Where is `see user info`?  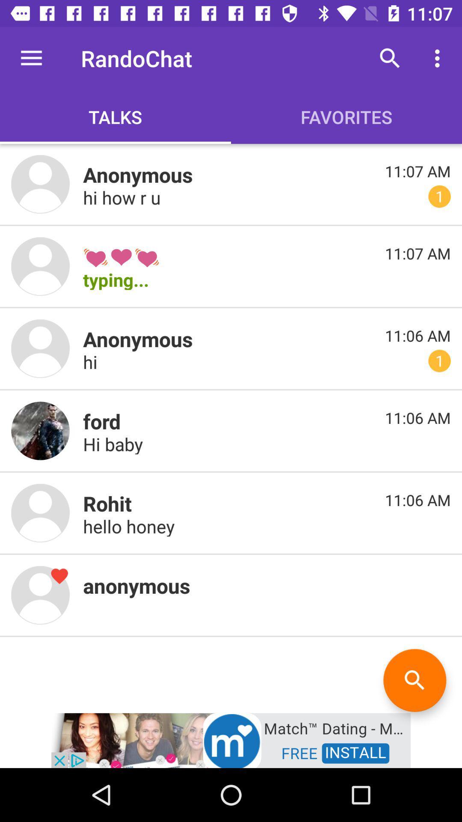 see user info is located at coordinates (40, 348).